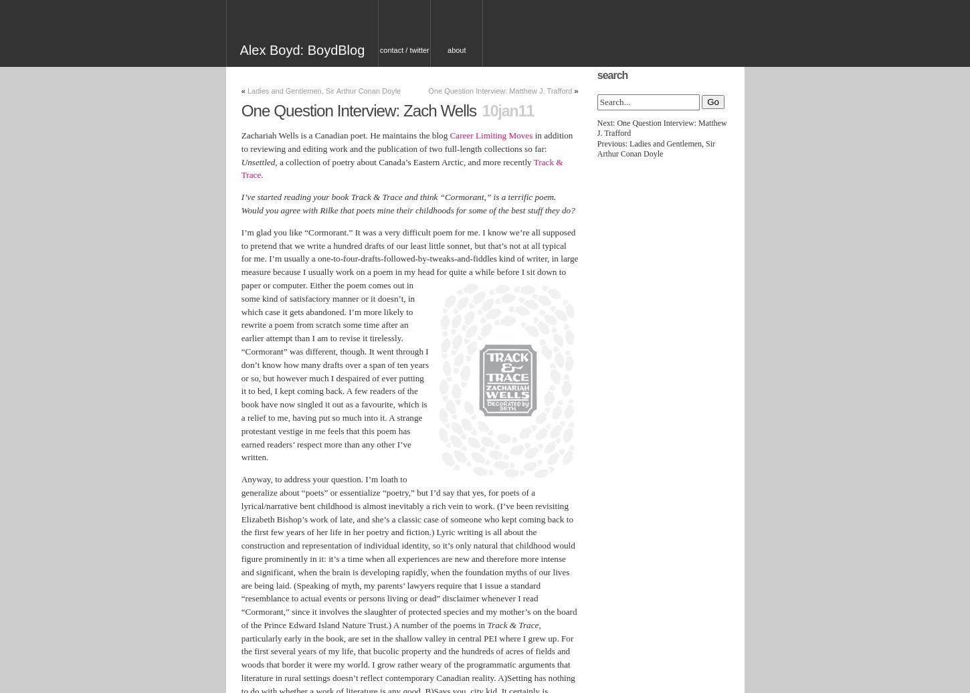  I want to click on 'comes out in some kind of satisfactory manner or it doesn’t, in which case it gets abandoned. I’m more likely to rewrite a poem from scratch some time after an earlier attempt than I am to revise it tirelessly. “Cormorant” was different, though. It went through I don’t know how many drafts over a span of ten years or so, but however much I despaired of ever putting it to bed, I kept coming back. A few readers of the book have now singled it out as a favourite, which is a relief to me, having put so much into it. A strange protestant vestige in me feels that this poem has earned readers’ respect more than any other I’ve written.', so click(334, 371).